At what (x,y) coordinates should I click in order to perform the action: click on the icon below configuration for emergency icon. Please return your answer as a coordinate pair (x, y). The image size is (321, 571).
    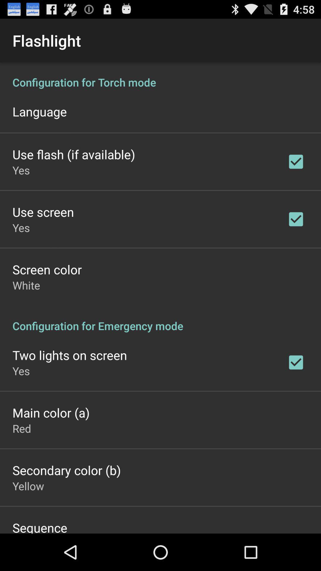
    Looking at the image, I should click on (69, 355).